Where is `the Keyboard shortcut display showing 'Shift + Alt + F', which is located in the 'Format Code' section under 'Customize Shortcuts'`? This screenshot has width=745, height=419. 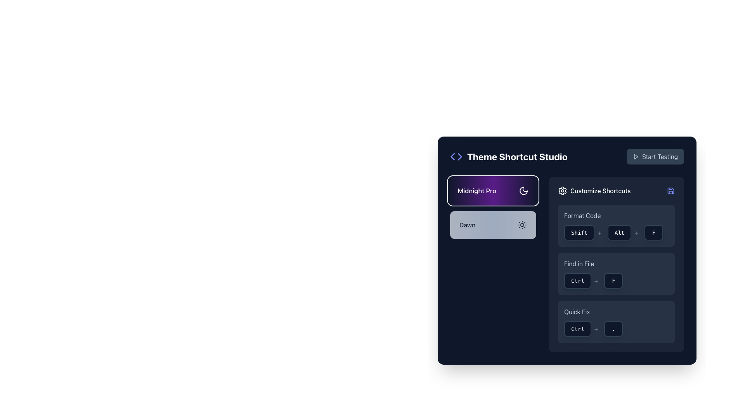 the Keyboard shortcut display showing 'Shift + Alt + F', which is located in the 'Format Code' section under 'Customize Shortcuts' is located at coordinates (616, 232).